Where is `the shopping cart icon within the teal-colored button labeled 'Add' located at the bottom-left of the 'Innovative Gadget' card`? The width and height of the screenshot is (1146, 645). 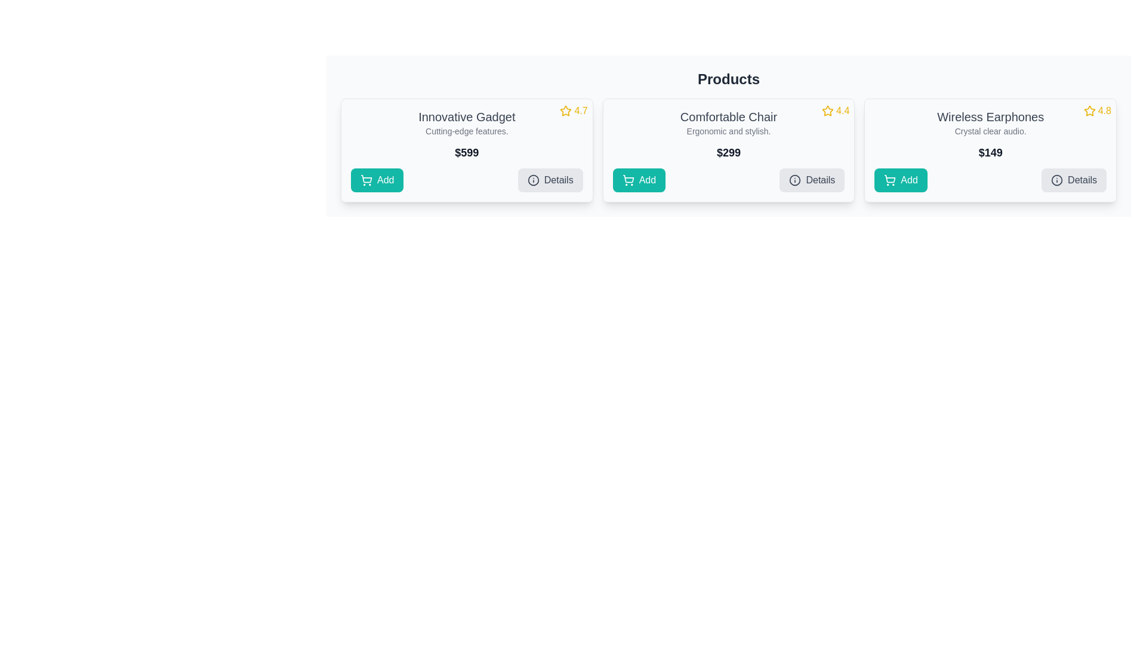
the shopping cart icon within the teal-colored button labeled 'Add' located at the bottom-left of the 'Innovative Gadget' card is located at coordinates (366, 180).